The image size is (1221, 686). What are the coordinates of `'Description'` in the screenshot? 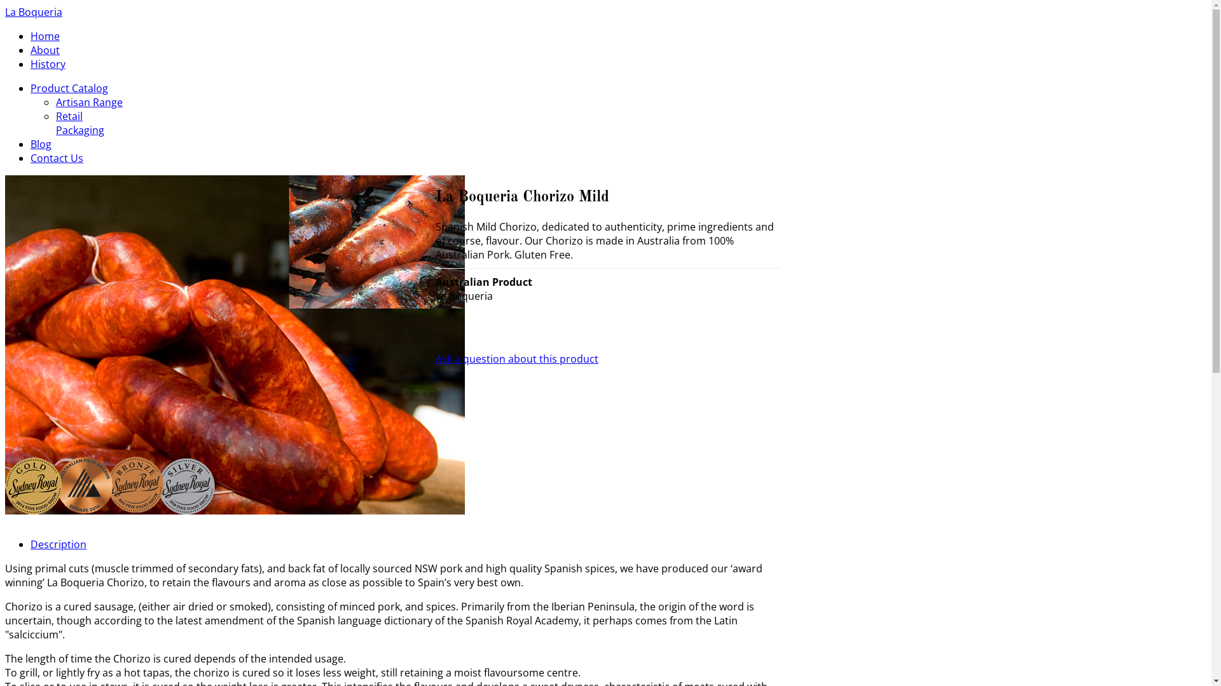 It's located at (57, 543).